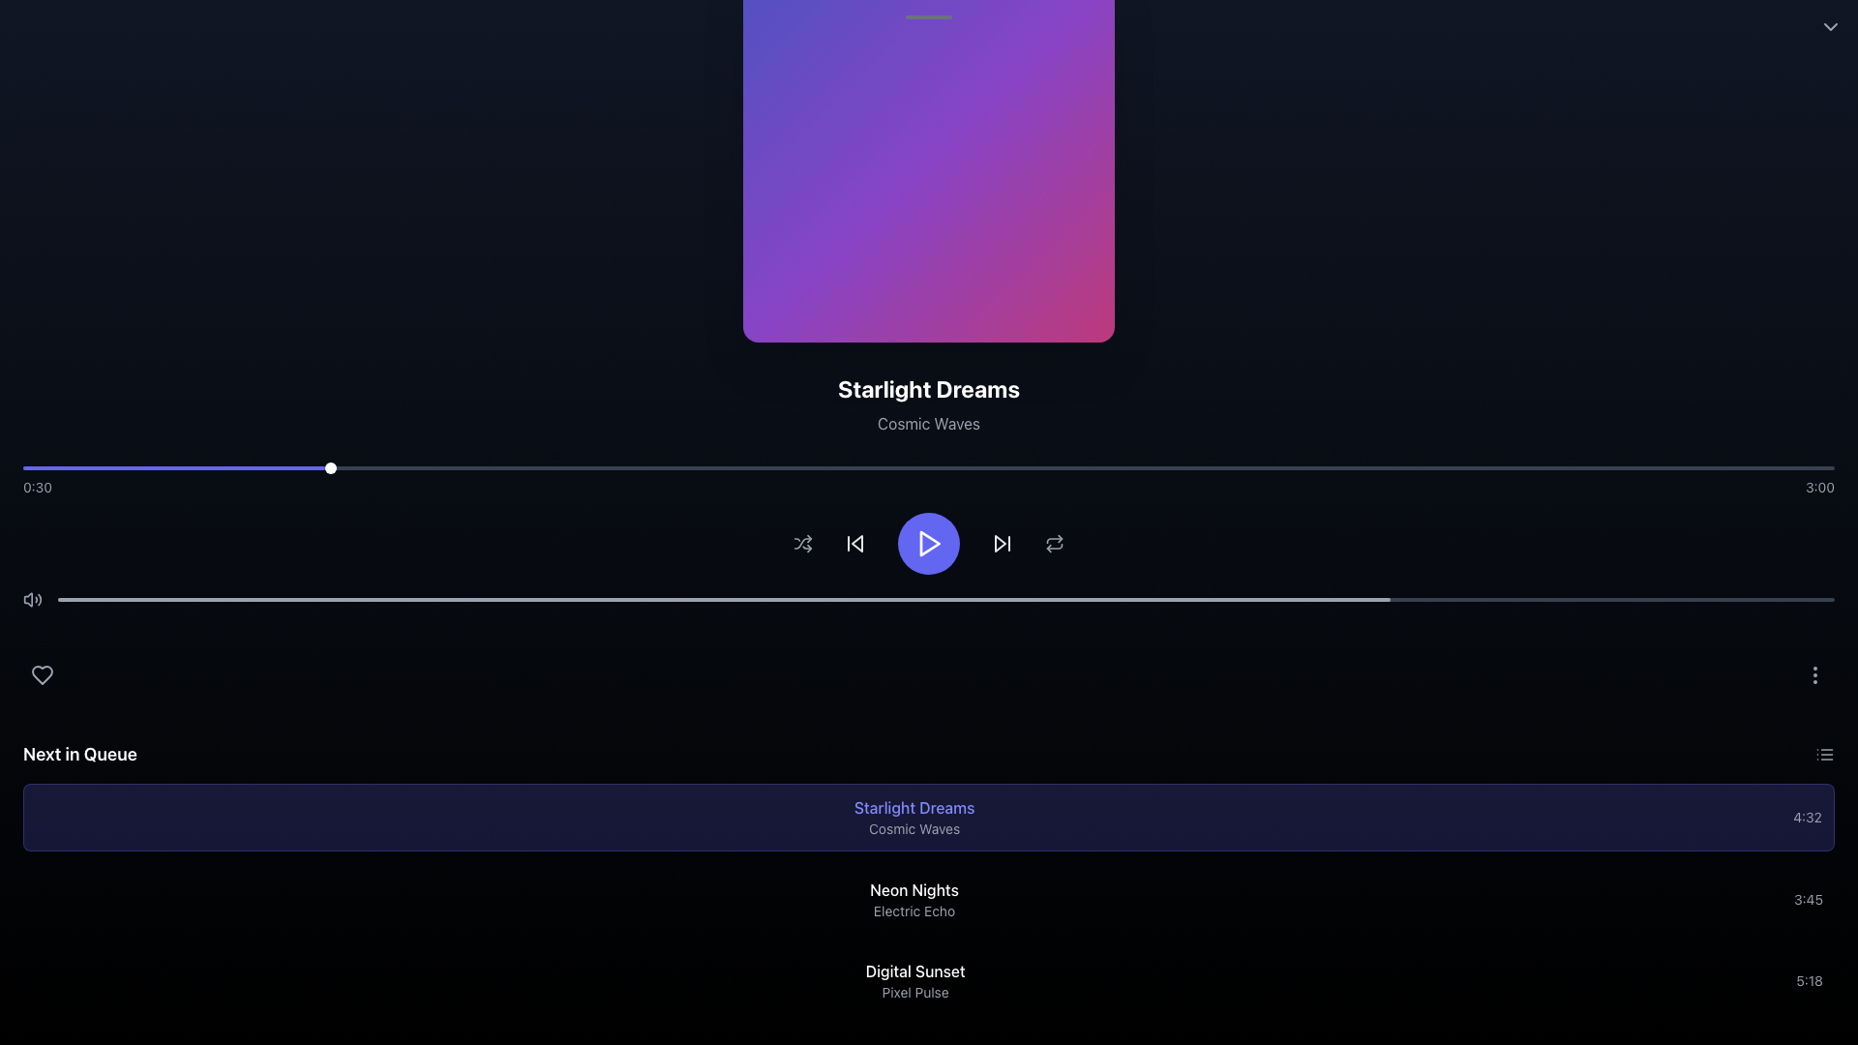 The width and height of the screenshot is (1858, 1045). Describe the element at coordinates (42, 674) in the screenshot. I see `the heart-shaped icon located beneath the primary playback controls, aligned towards the bottom-left corner of the interface, just before the 'Next in Queue' section` at that location.